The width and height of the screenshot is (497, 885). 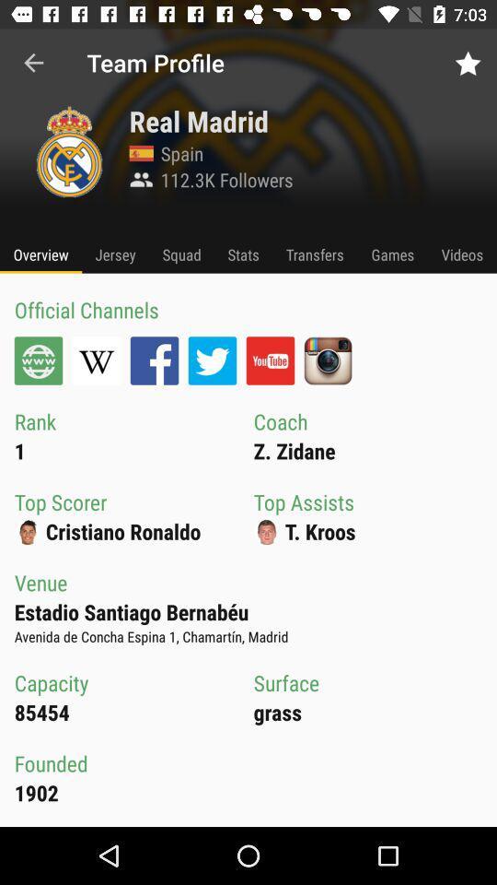 What do you see at coordinates (39, 360) in the screenshot?
I see `settings` at bounding box center [39, 360].